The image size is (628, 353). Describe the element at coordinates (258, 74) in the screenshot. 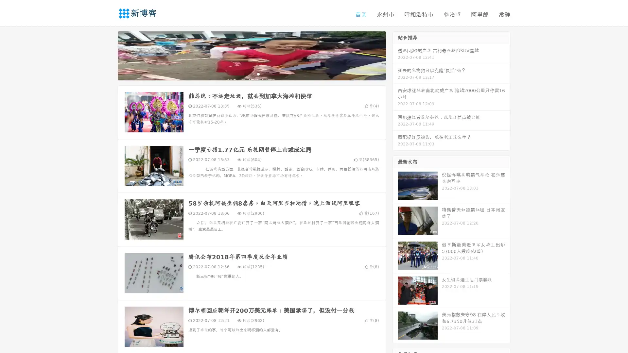

I see `Go to slide 3` at that location.